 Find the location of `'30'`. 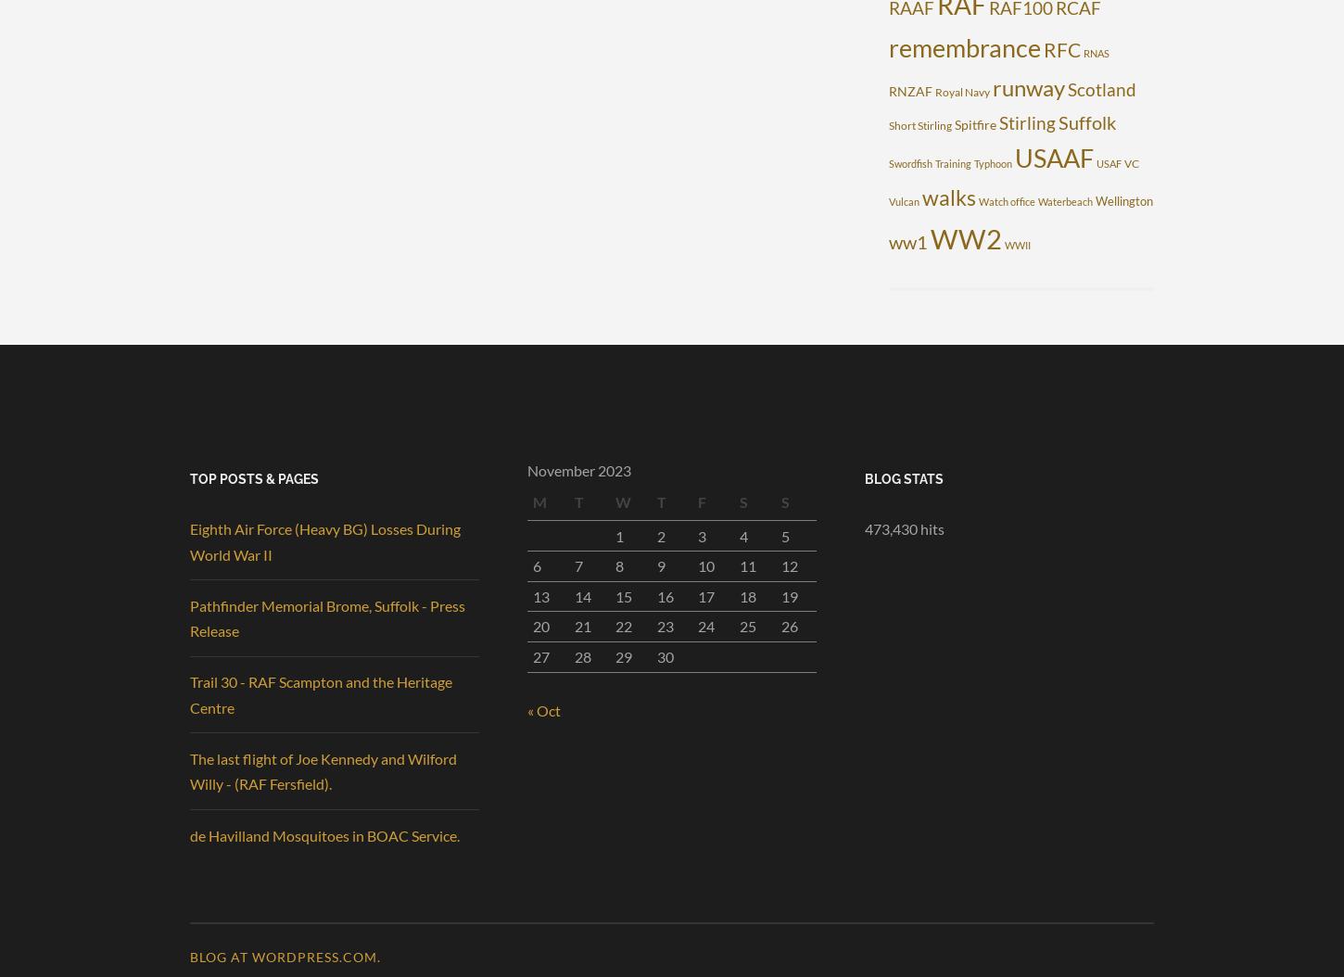

'30' is located at coordinates (664, 655).